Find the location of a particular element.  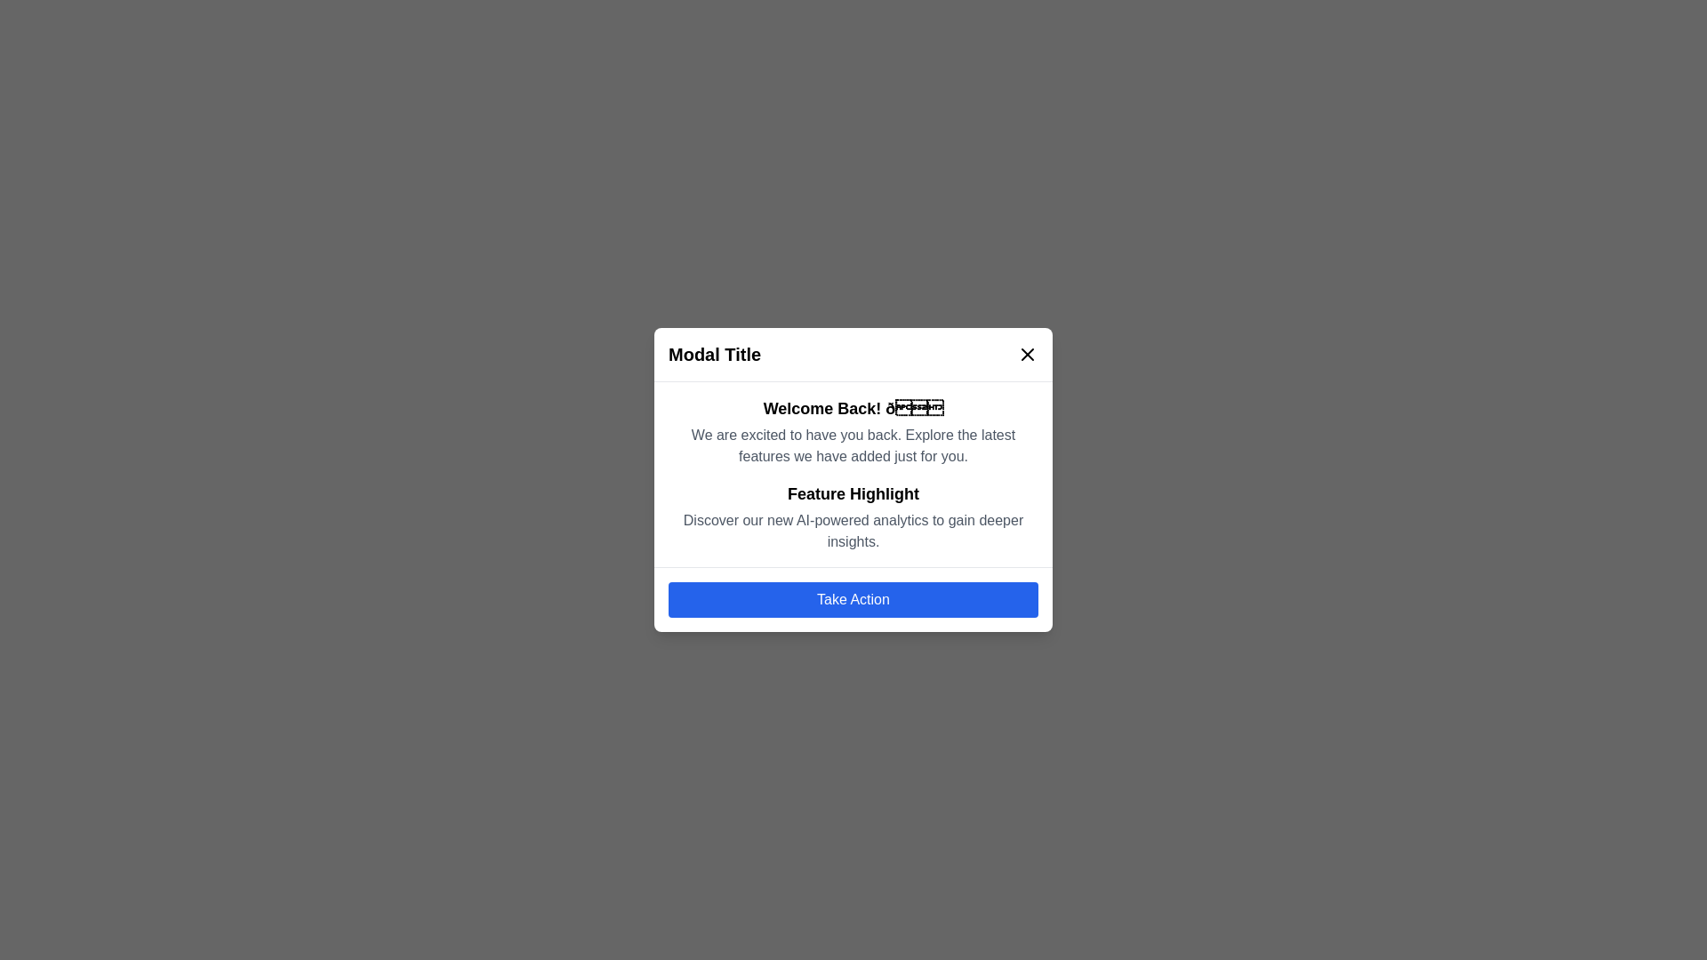

text displayed as 'Modal Title' in a bold, large font, located at the top of the modal, centered horizontally and to the left of the close button is located at coordinates (715, 354).